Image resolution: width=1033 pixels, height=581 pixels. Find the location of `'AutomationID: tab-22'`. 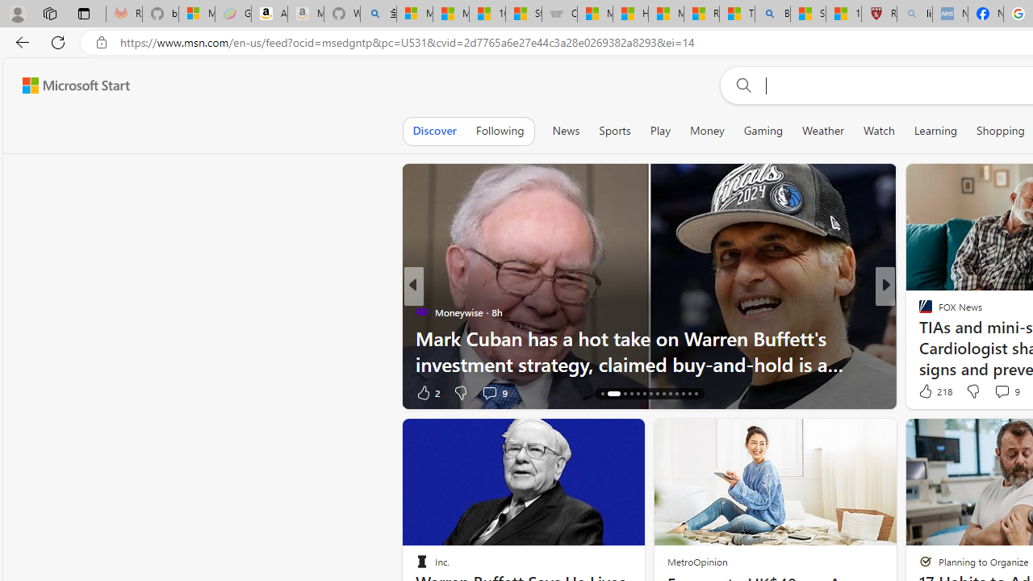

'AutomationID: tab-22' is located at coordinates (657, 394).